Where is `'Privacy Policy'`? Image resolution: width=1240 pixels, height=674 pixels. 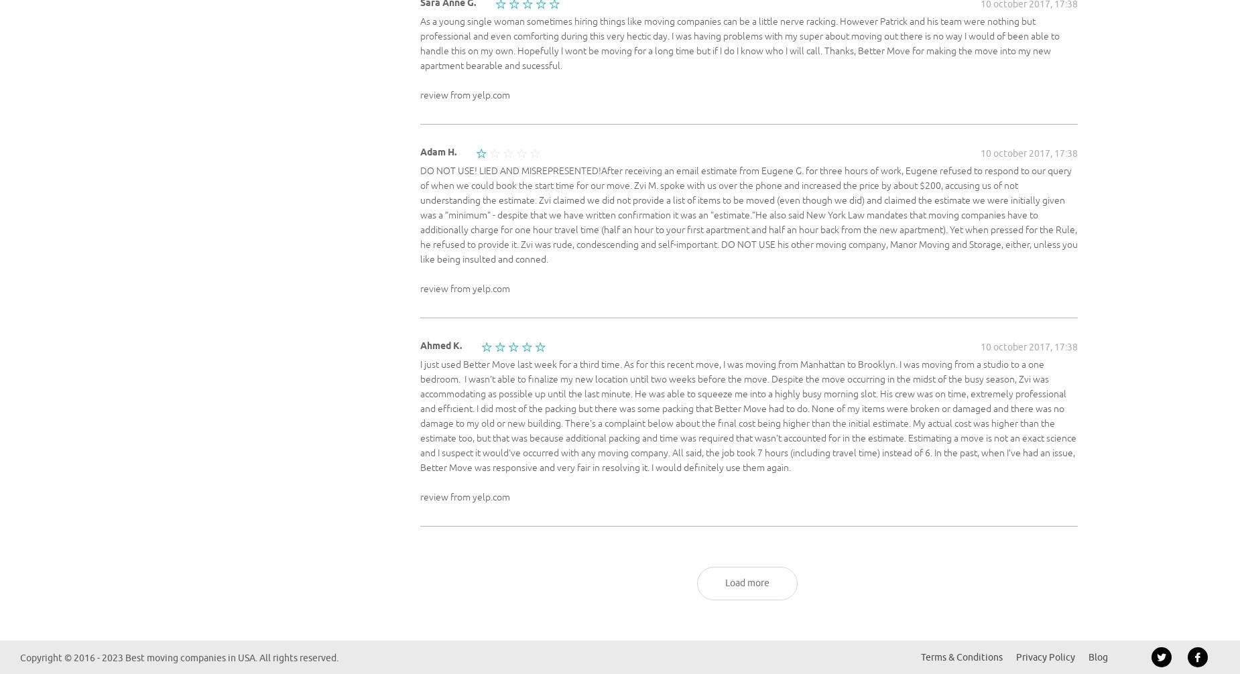
'Privacy Policy' is located at coordinates (1045, 657).